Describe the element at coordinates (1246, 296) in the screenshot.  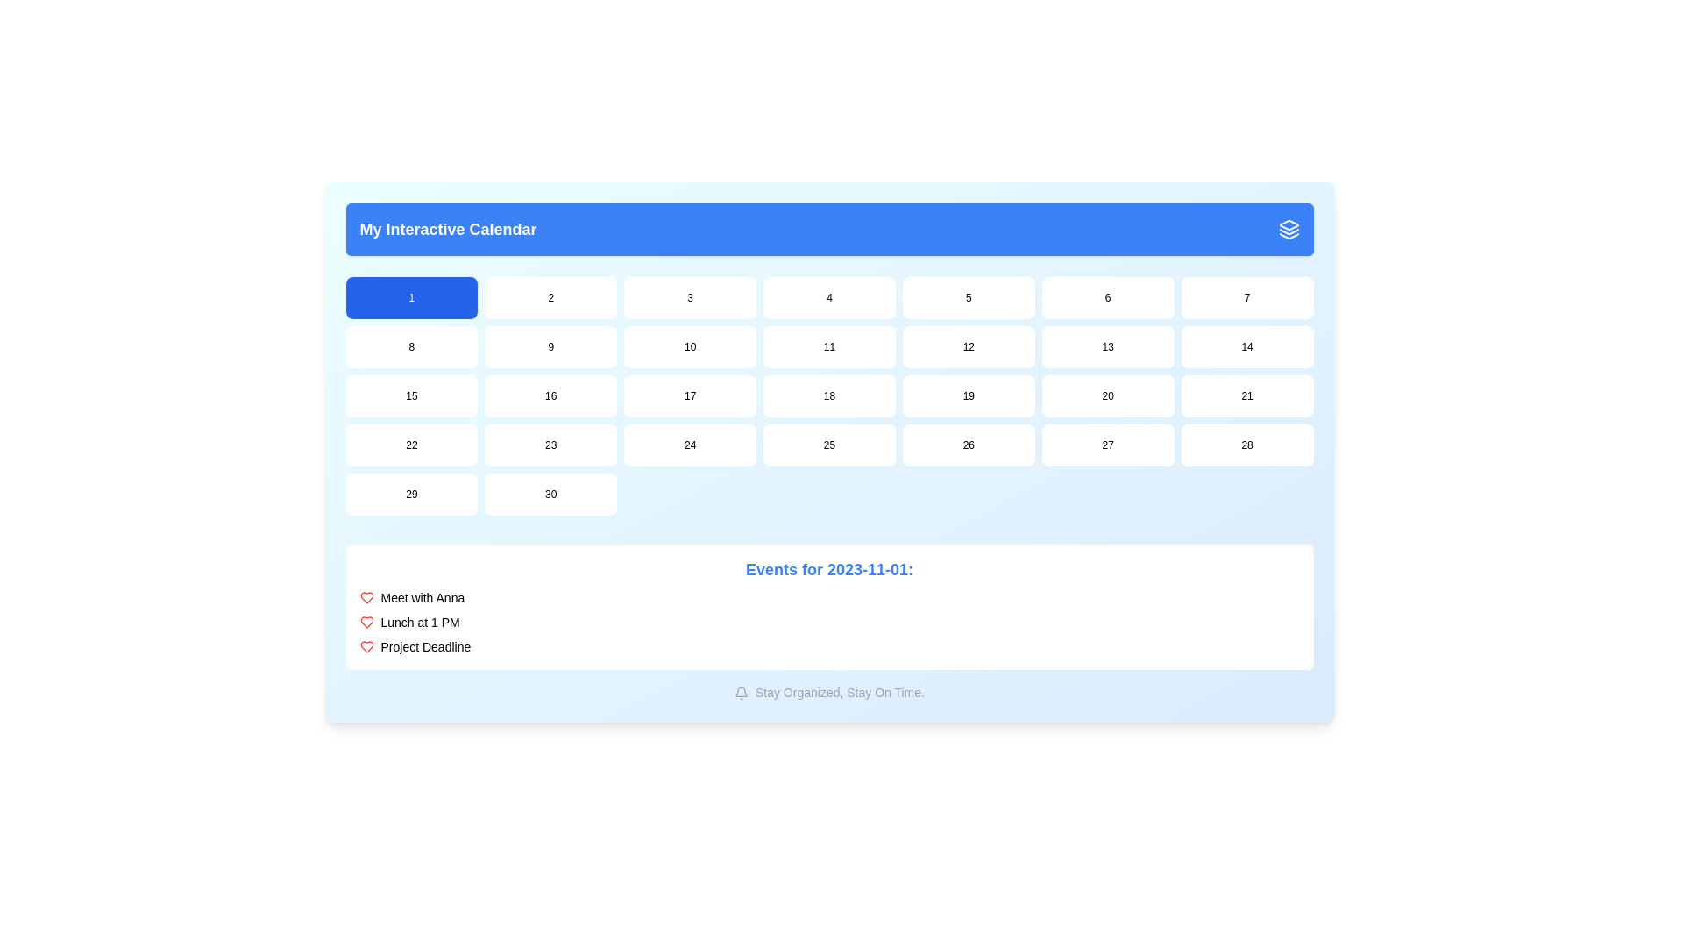
I see `the button labeled '7', which is a rectangular UI component with rounded corners, part of the grid in 'My Interactive Calendar', to change its state` at that location.